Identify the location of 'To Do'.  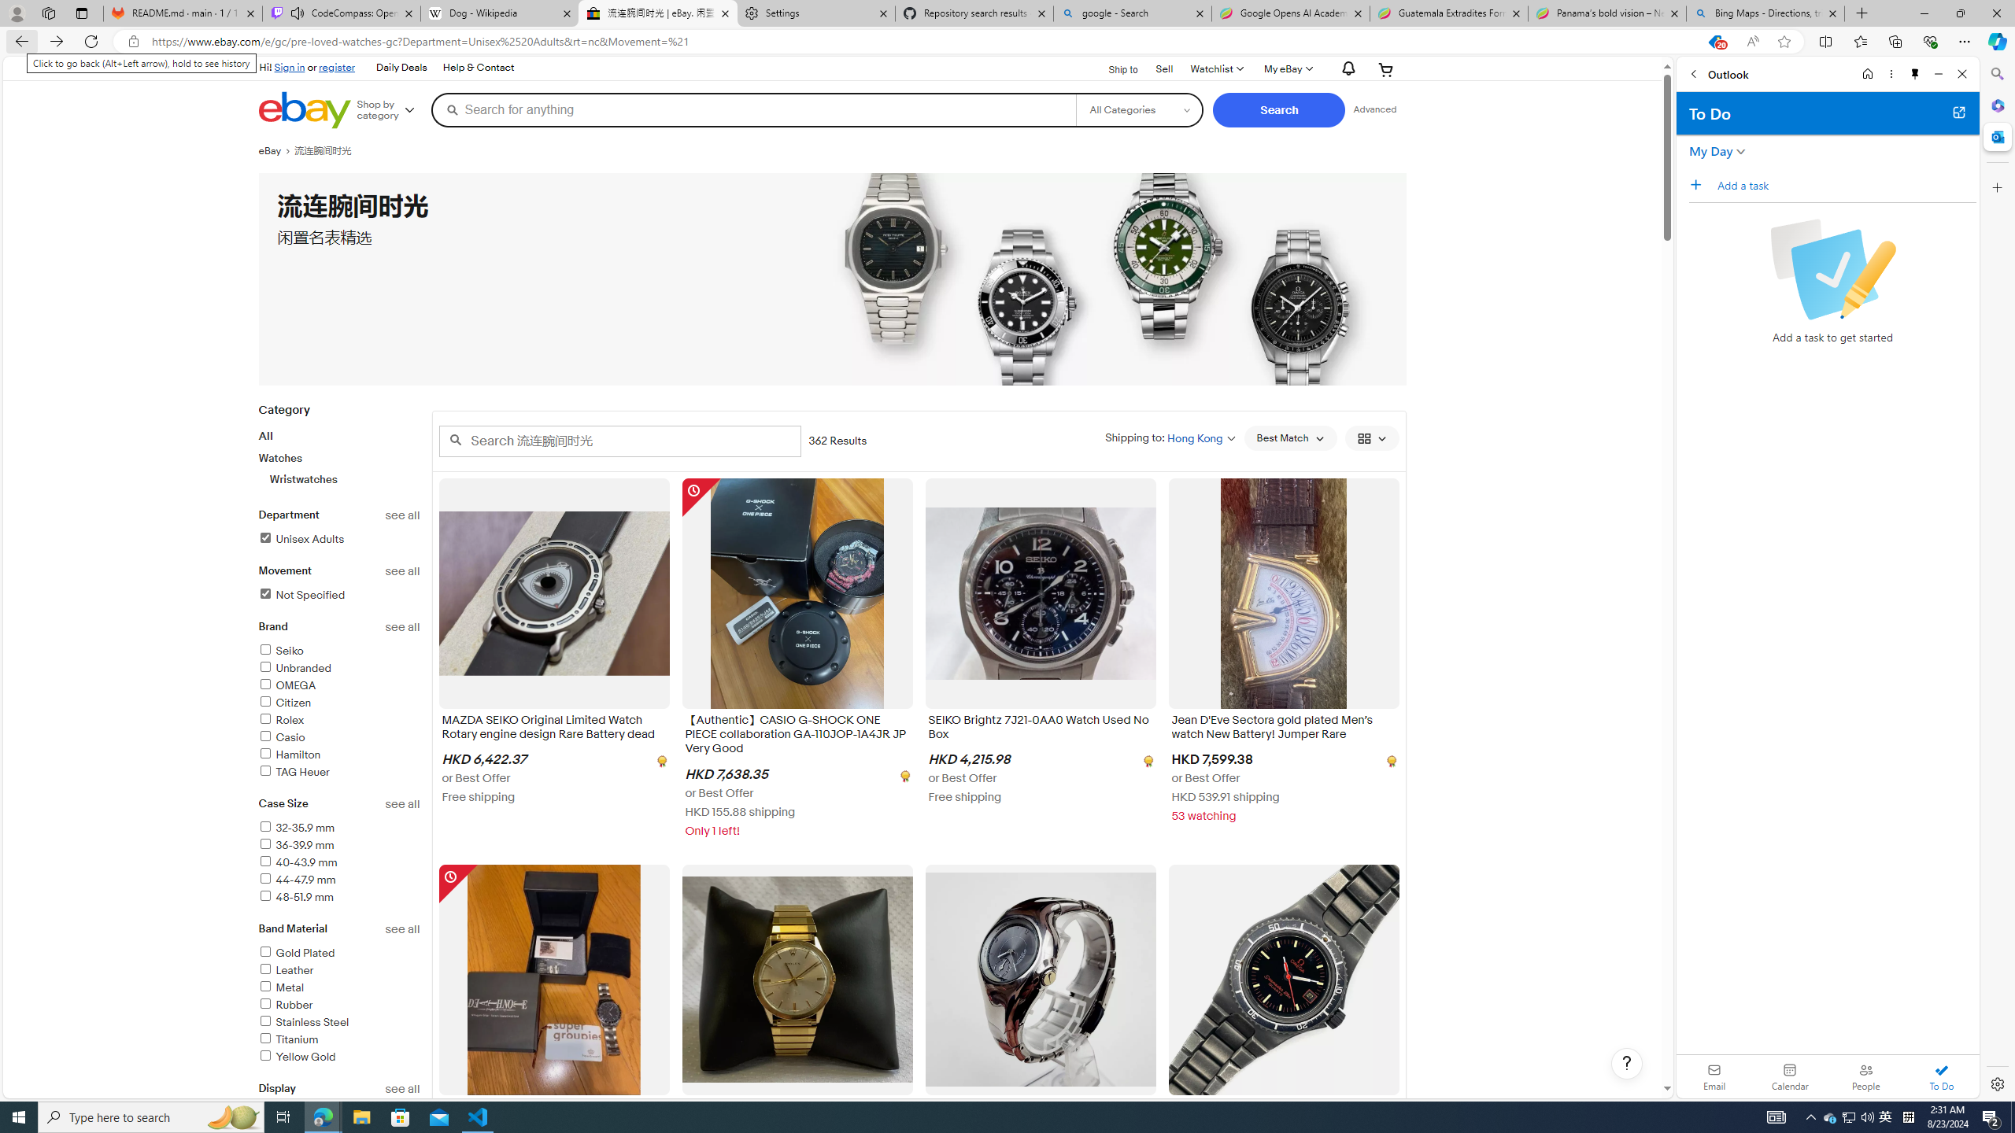
(1941, 1076).